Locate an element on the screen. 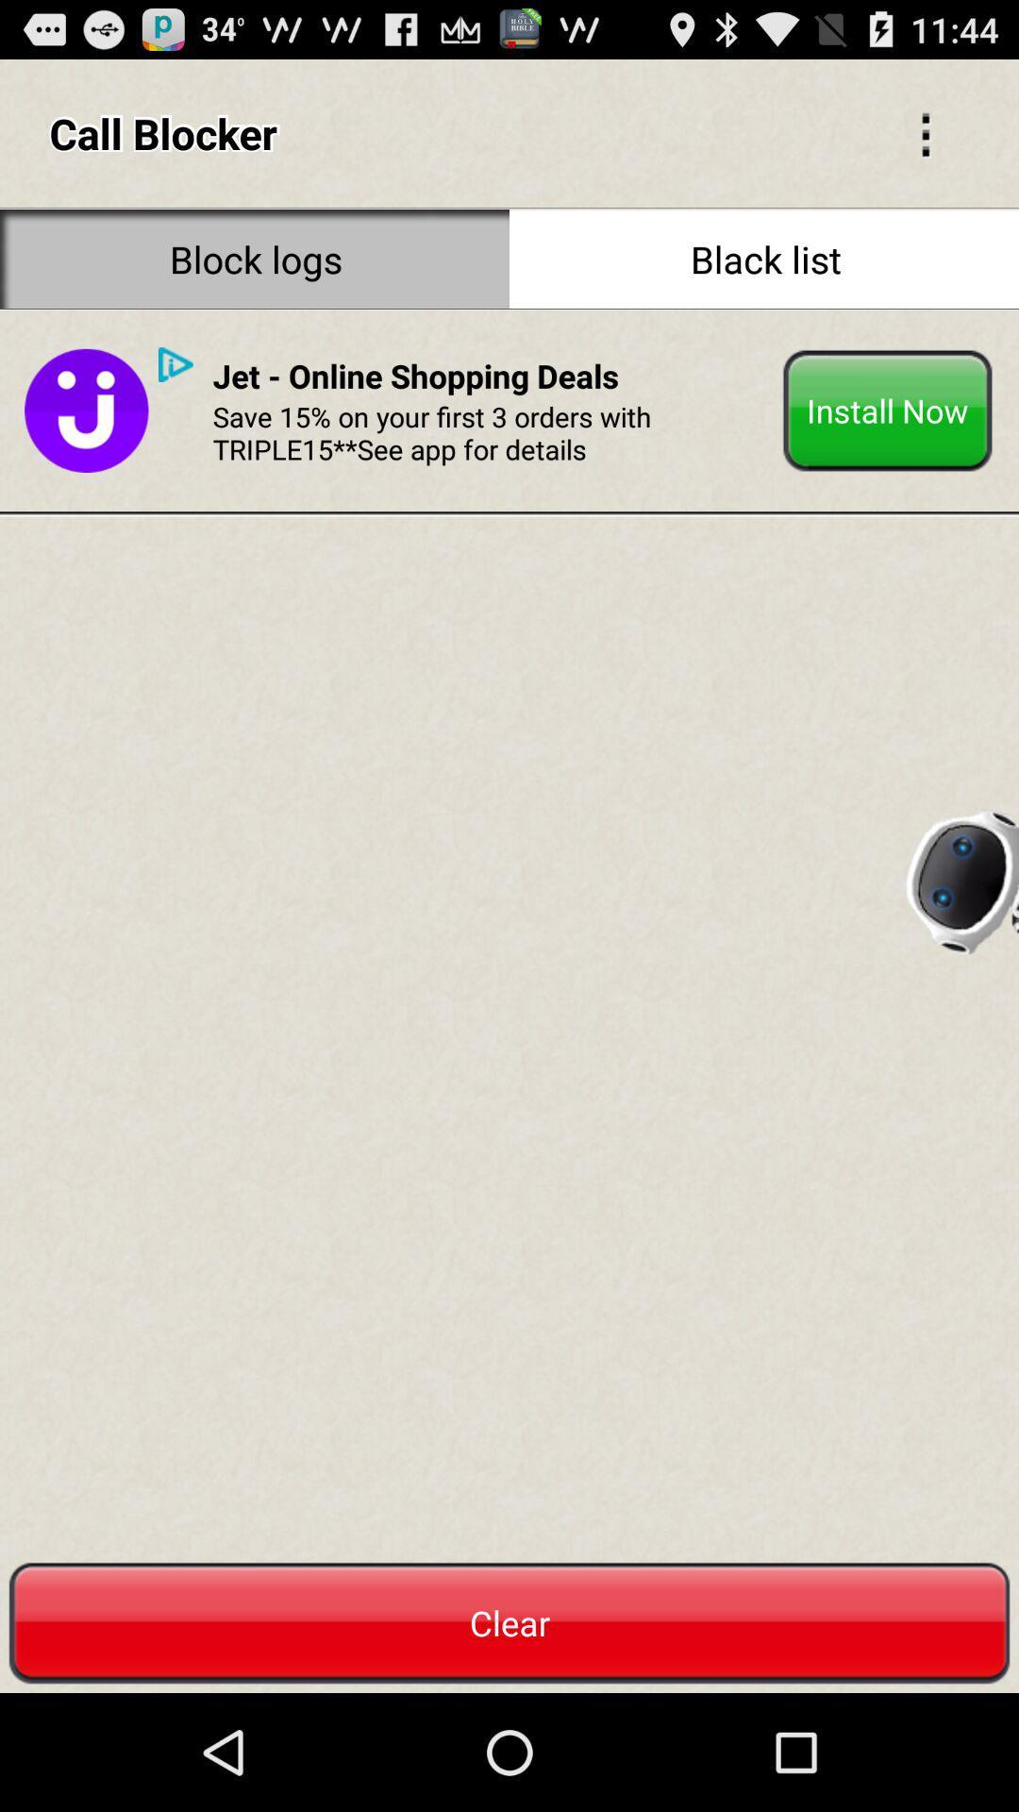 The height and width of the screenshot is (1812, 1019). the button next to black list is located at coordinates (255, 258).